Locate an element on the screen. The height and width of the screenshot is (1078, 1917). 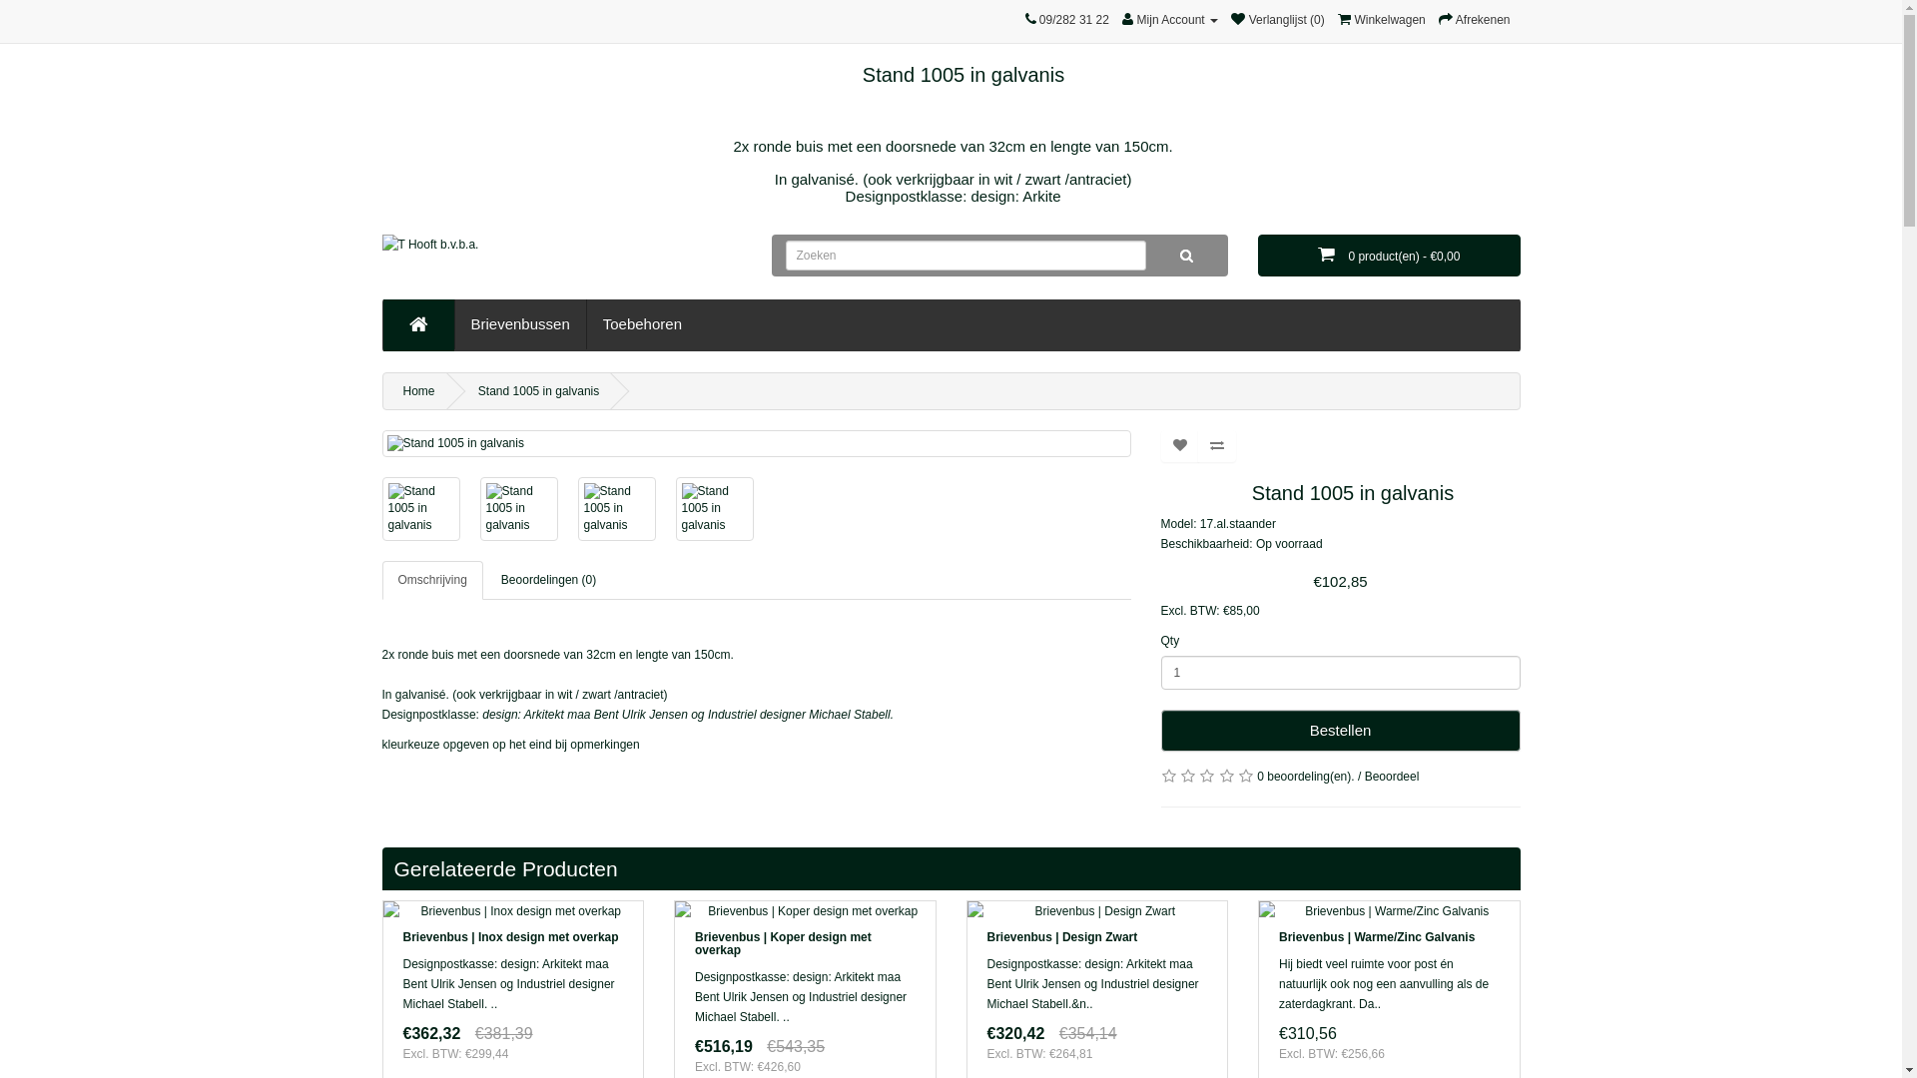
'Brievenbus | Warme/Zinc Galvanis' is located at coordinates (1388, 911).